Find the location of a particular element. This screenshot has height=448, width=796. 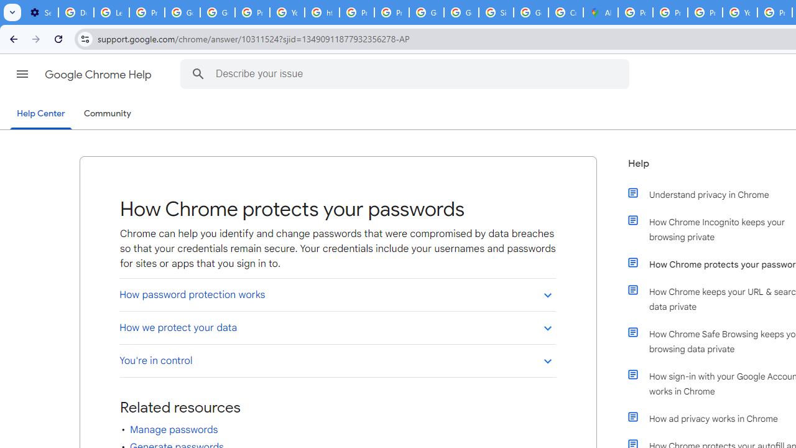

'Policy Accountability and Transparency - Transparency Center' is located at coordinates (636, 12).